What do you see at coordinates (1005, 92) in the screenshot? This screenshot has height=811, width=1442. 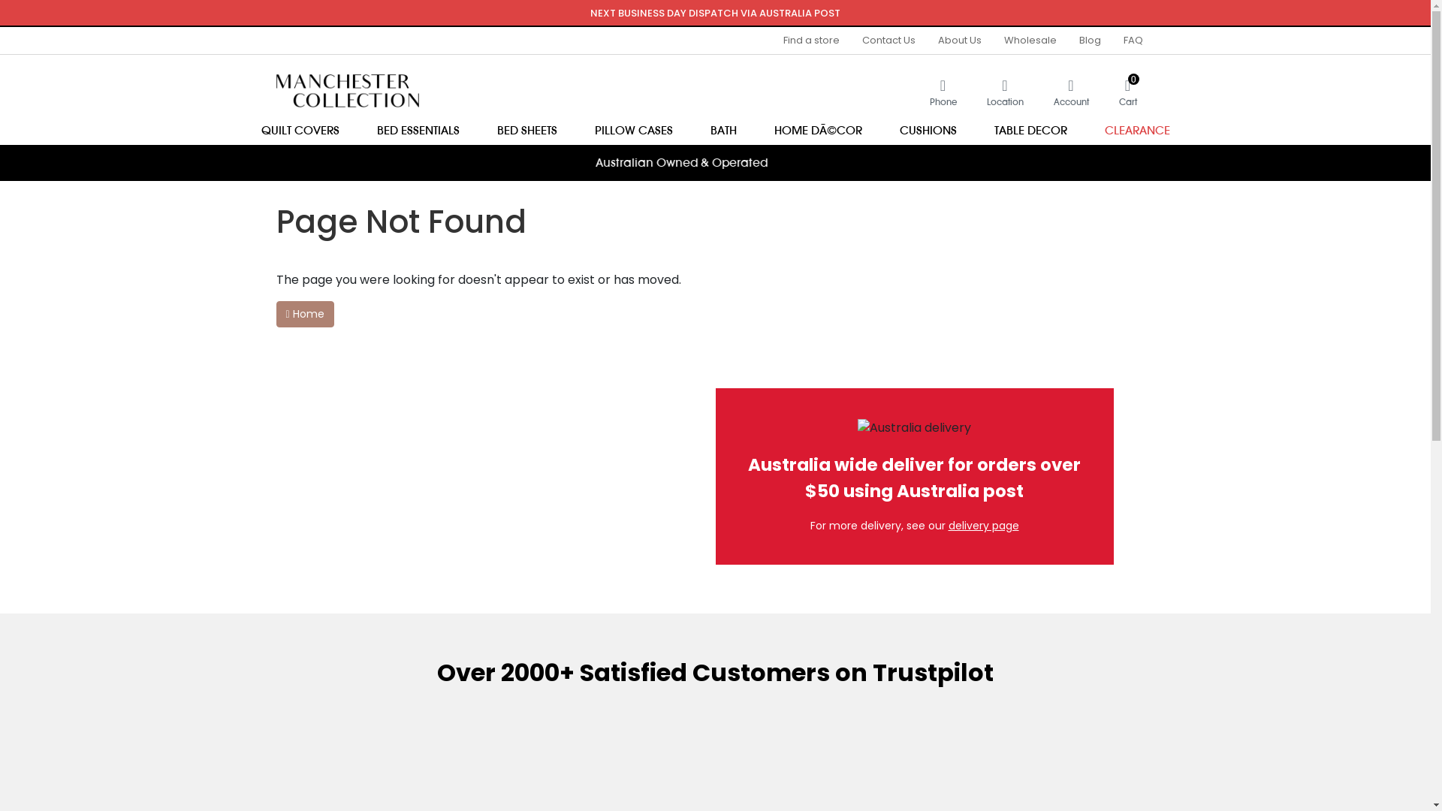 I see `'Location'` at bounding box center [1005, 92].